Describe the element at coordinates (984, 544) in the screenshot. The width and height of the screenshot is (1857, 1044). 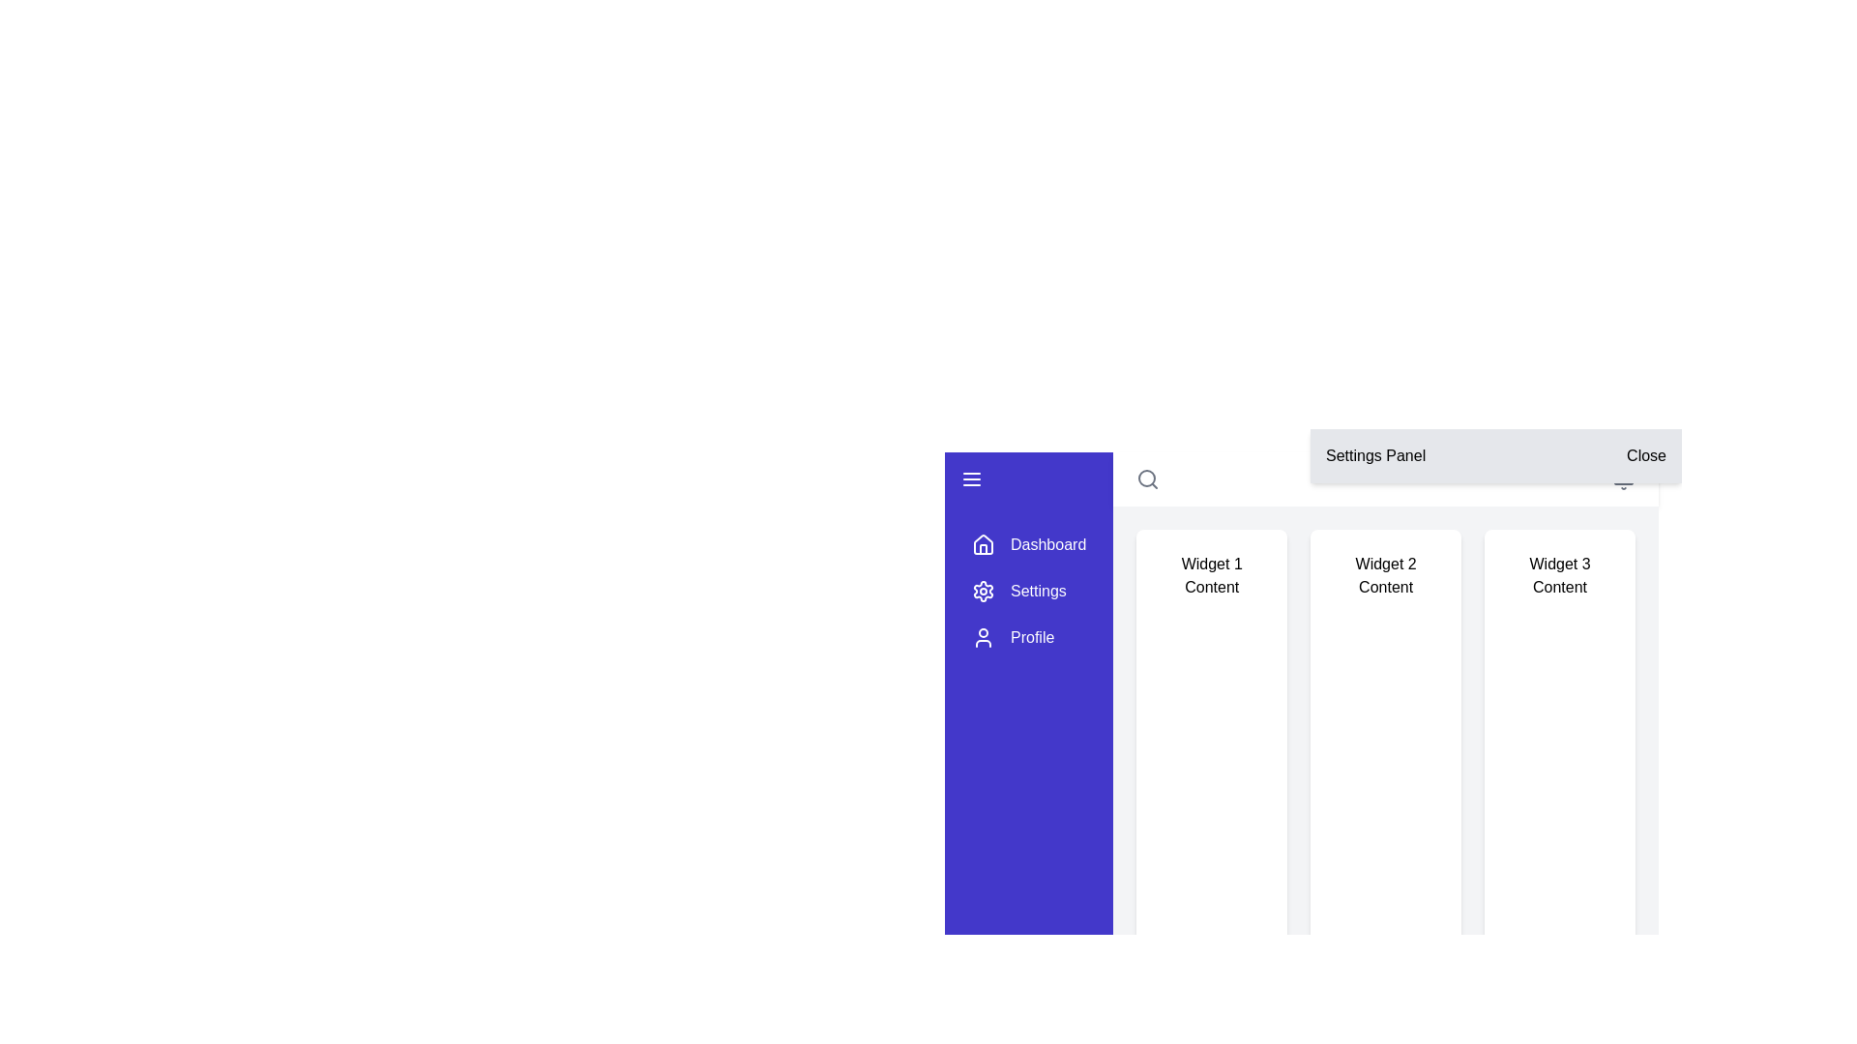
I see `the 'Dashboard' icon located in the upper-left corner of the blue sidebar, which is the first element in the item group, to the left of the text 'Dashboard'` at that location.